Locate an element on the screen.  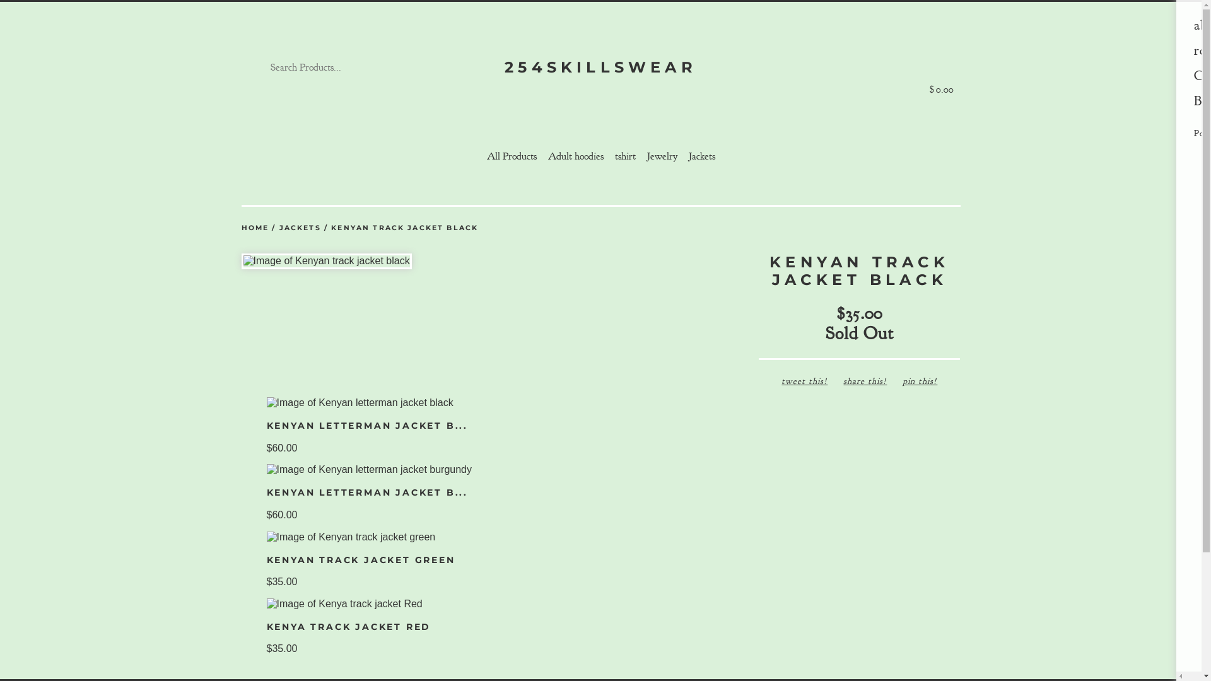
'Jewelry' is located at coordinates (641, 155).